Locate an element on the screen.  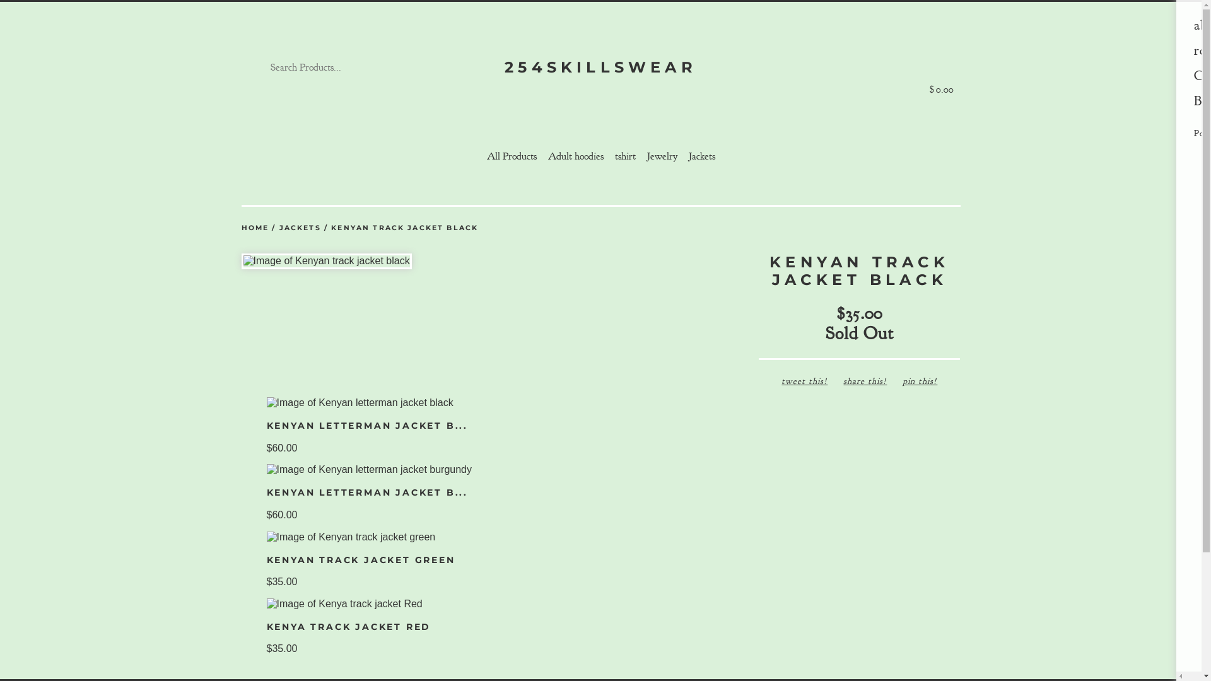
'Jewelry' is located at coordinates (641, 155).